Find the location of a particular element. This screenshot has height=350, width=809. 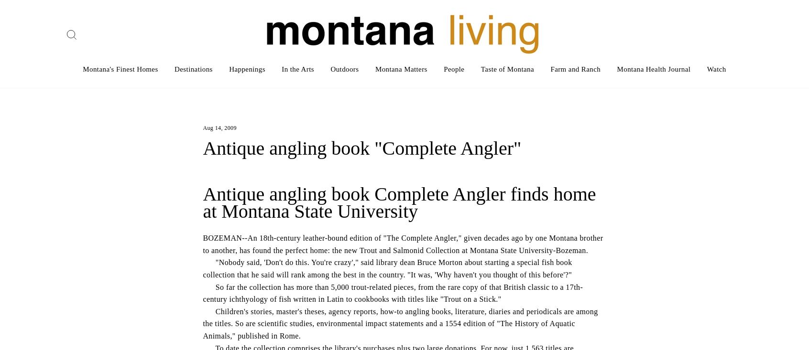

'Taste of Montana' is located at coordinates (507, 69).